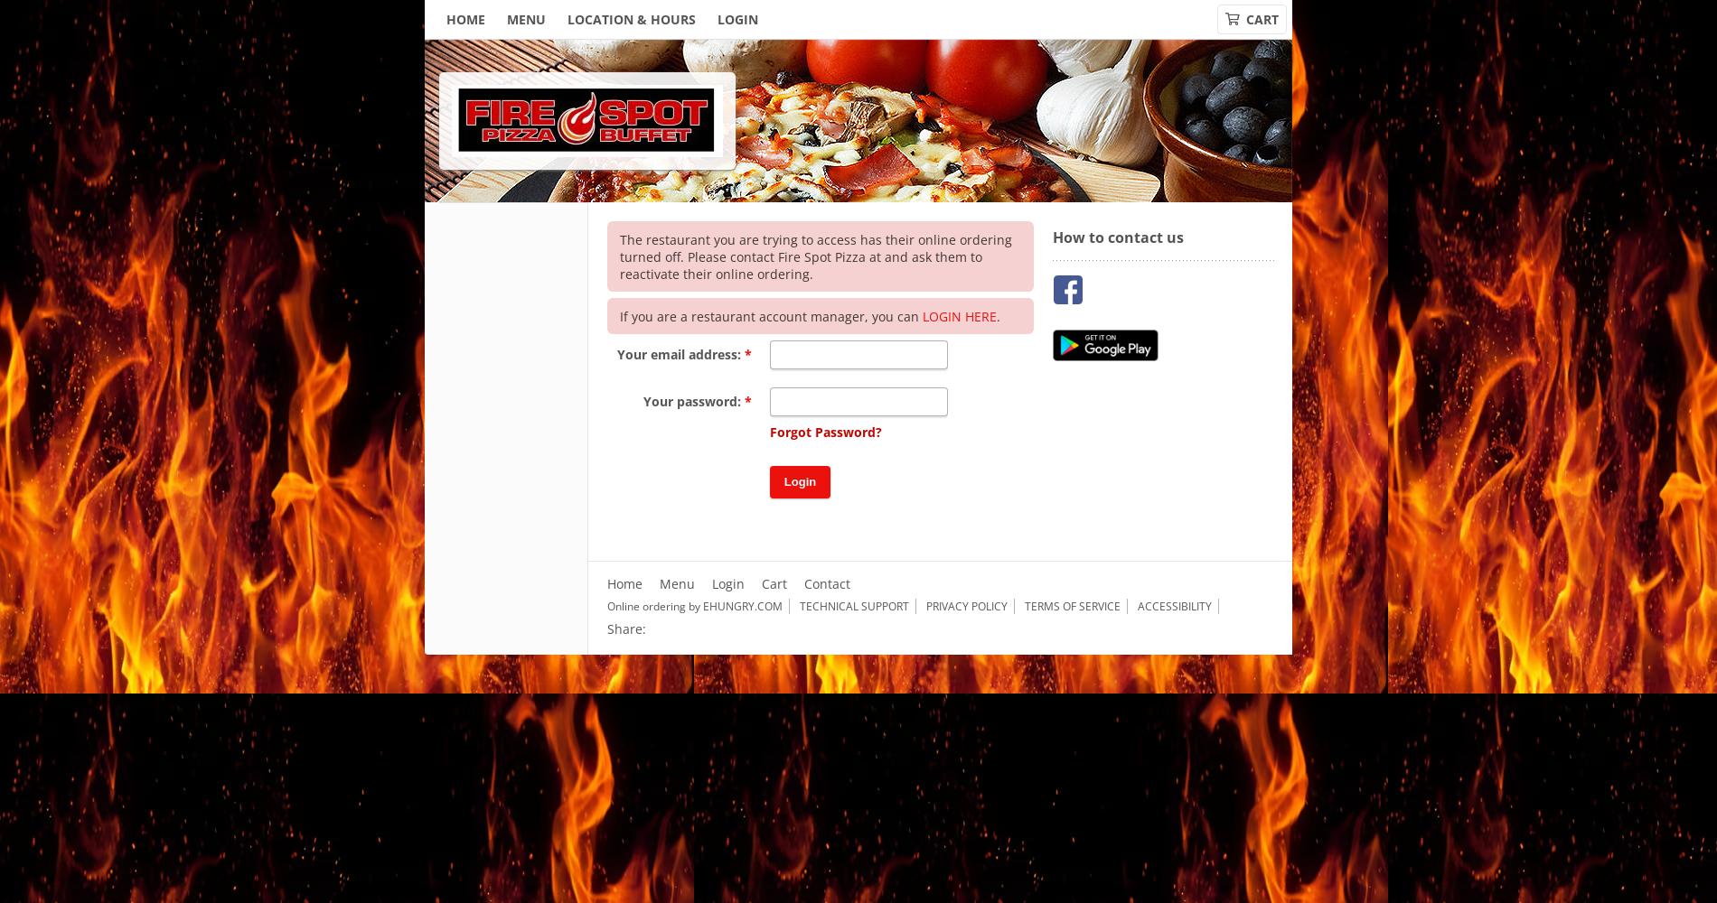  What do you see at coordinates (825, 583) in the screenshot?
I see `'Contact'` at bounding box center [825, 583].